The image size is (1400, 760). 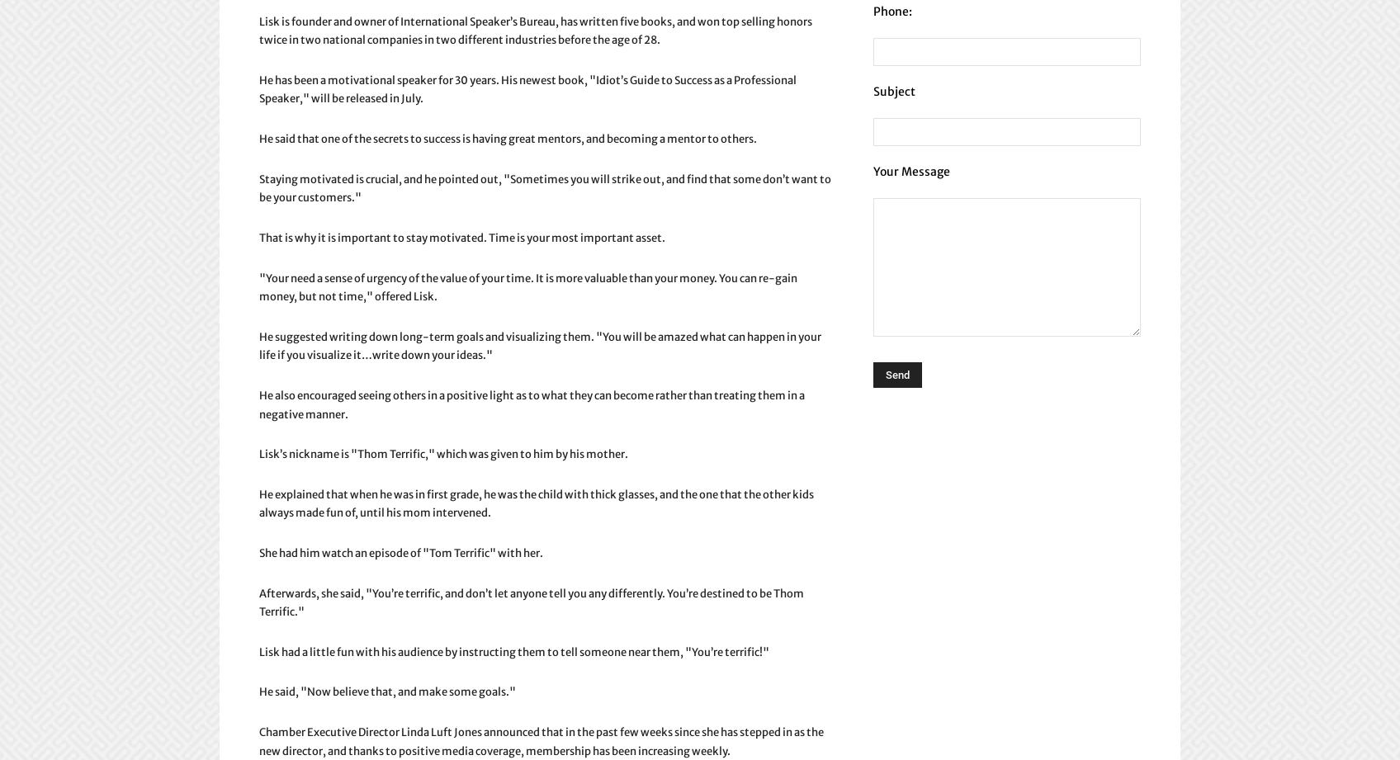 What do you see at coordinates (401, 553) in the screenshot?
I see `'She had him watch an episode of "Tom Terrific" with her.'` at bounding box center [401, 553].